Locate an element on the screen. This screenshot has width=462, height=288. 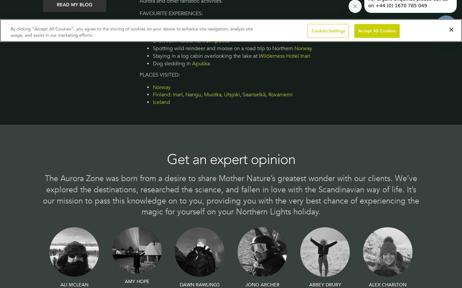
'Nangu' is located at coordinates (193, 95).